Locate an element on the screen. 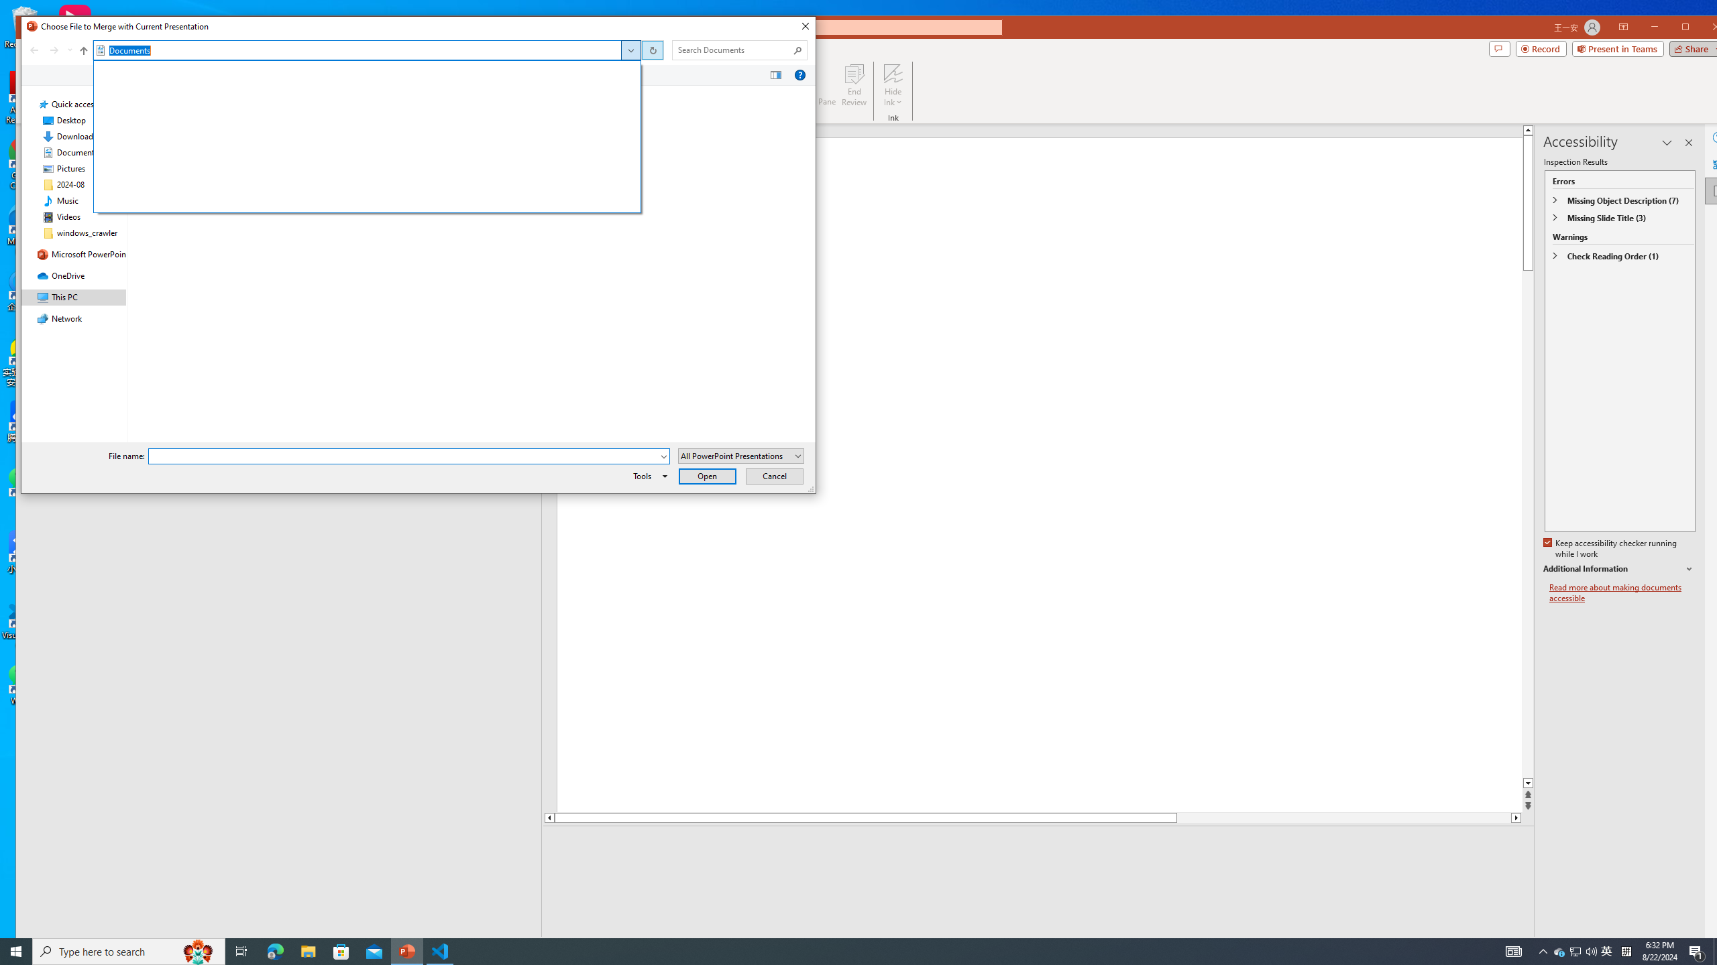  'Keep accessibility checker running while I work' is located at coordinates (1610, 549).